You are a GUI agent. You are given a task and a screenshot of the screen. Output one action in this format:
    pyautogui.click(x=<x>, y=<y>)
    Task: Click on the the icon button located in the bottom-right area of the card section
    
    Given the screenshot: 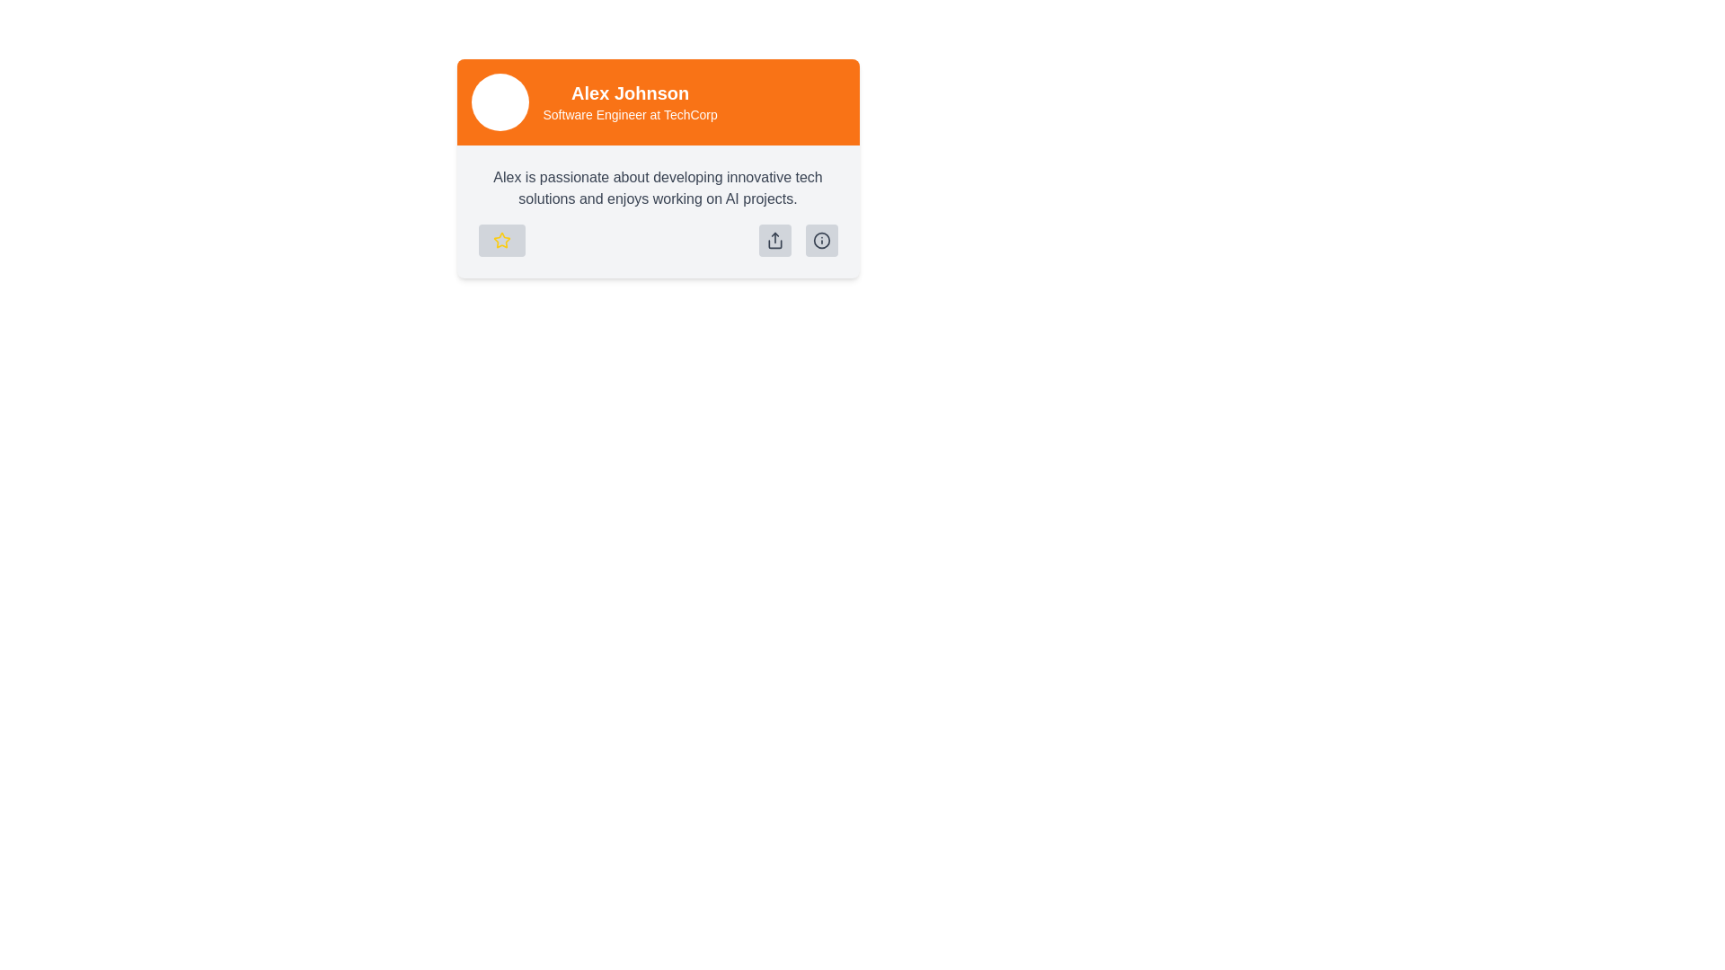 What is the action you would take?
    pyautogui.click(x=820, y=239)
    